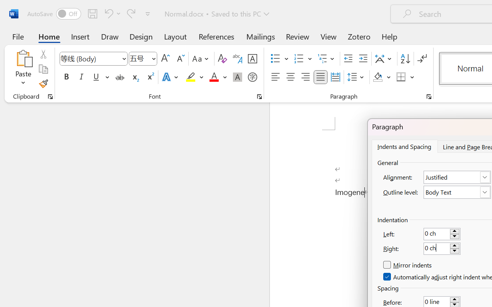 The width and height of the screenshot is (492, 307). I want to click on 'Undo Typing', so click(111, 13).